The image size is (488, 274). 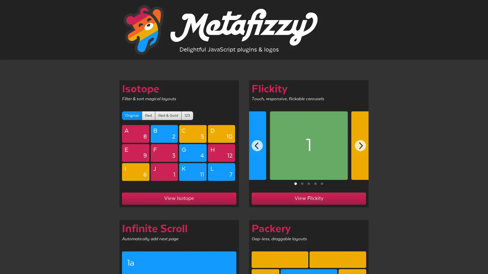 What do you see at coordinates (132, 115) in the screenshot?
I see `Original` at bounding box center [132, 115].